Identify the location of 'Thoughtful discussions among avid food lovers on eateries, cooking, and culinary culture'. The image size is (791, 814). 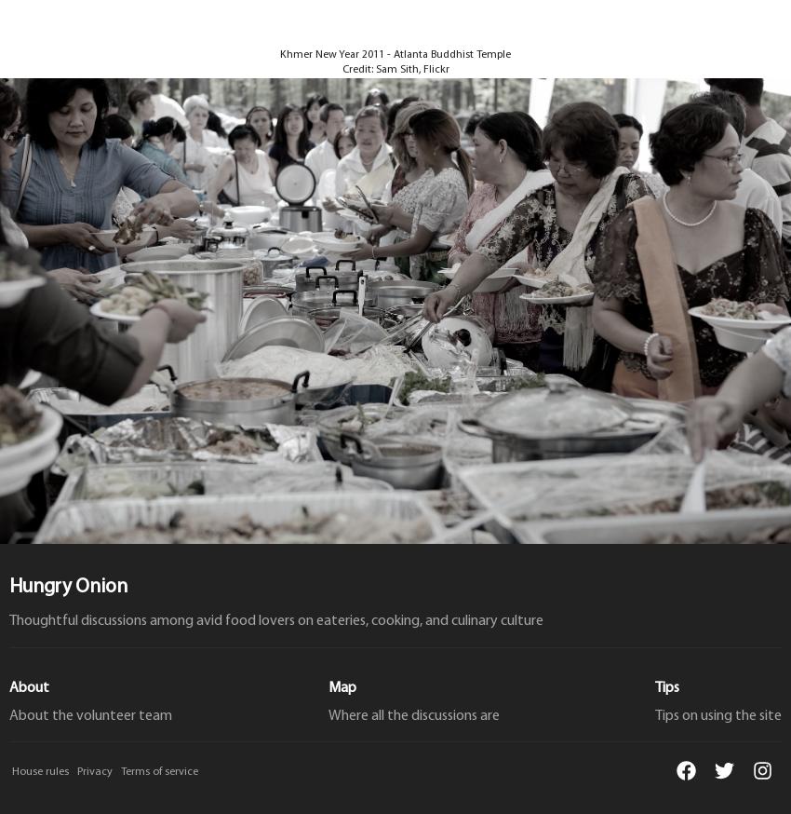
(275, 621).